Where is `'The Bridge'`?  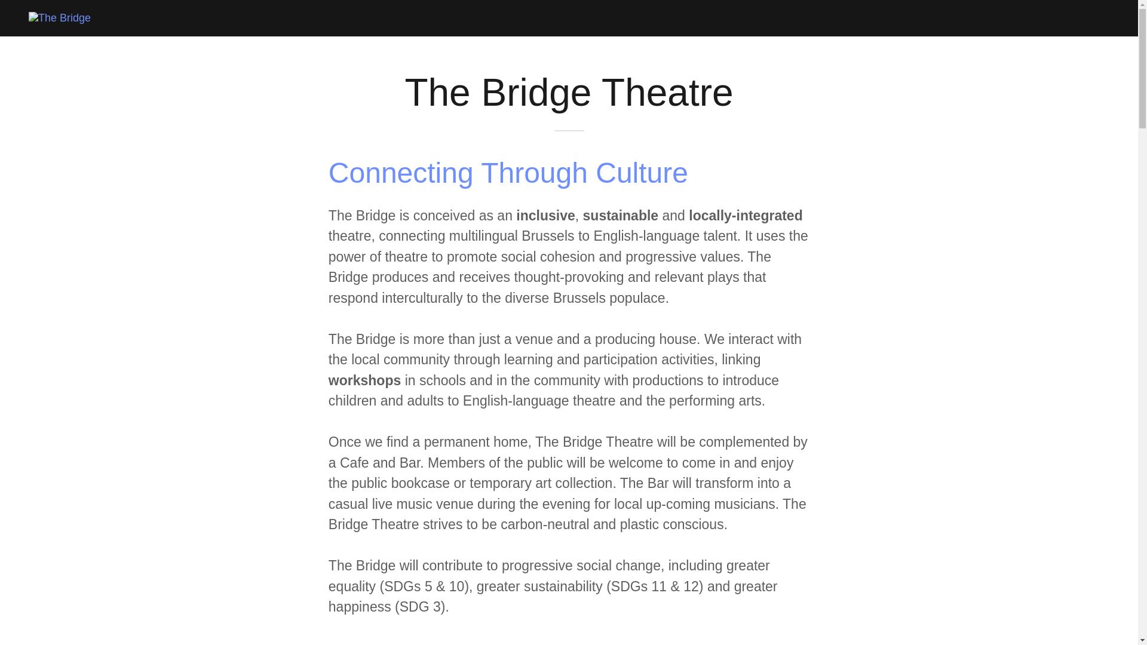 'The Bridge' is located at coordinates (59, 18).